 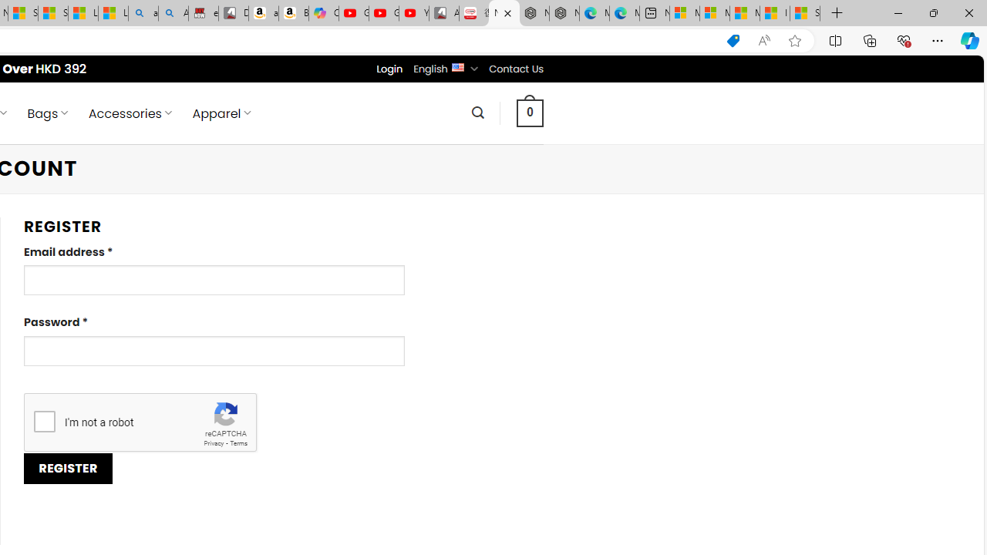 I want to click on 'This site has coupons! Shopping in Microsoft Edge', so click(x=733, y=40).